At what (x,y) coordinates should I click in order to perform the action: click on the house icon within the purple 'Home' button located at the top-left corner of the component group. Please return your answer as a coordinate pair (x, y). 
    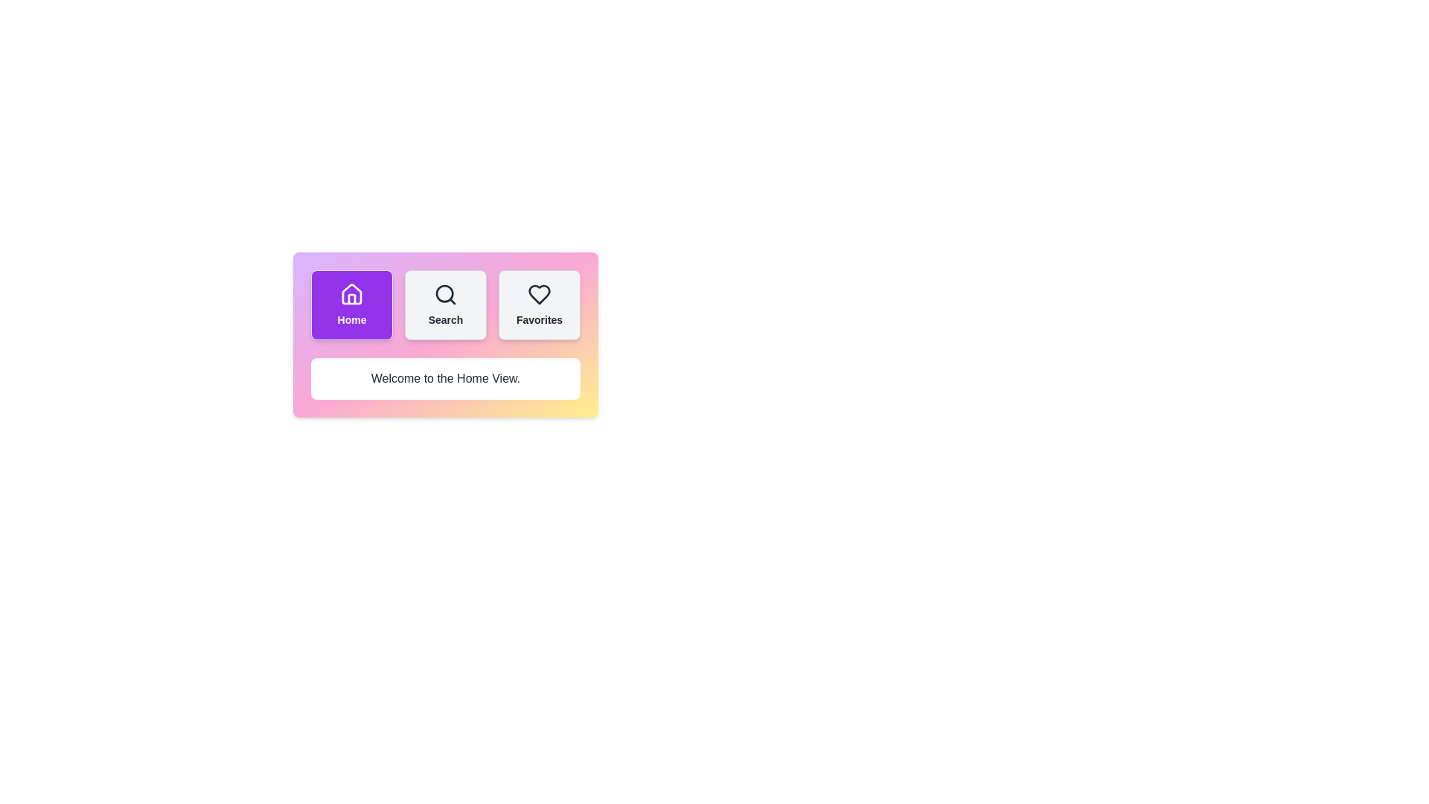
    Looking at the image, I should click on (351, 295).